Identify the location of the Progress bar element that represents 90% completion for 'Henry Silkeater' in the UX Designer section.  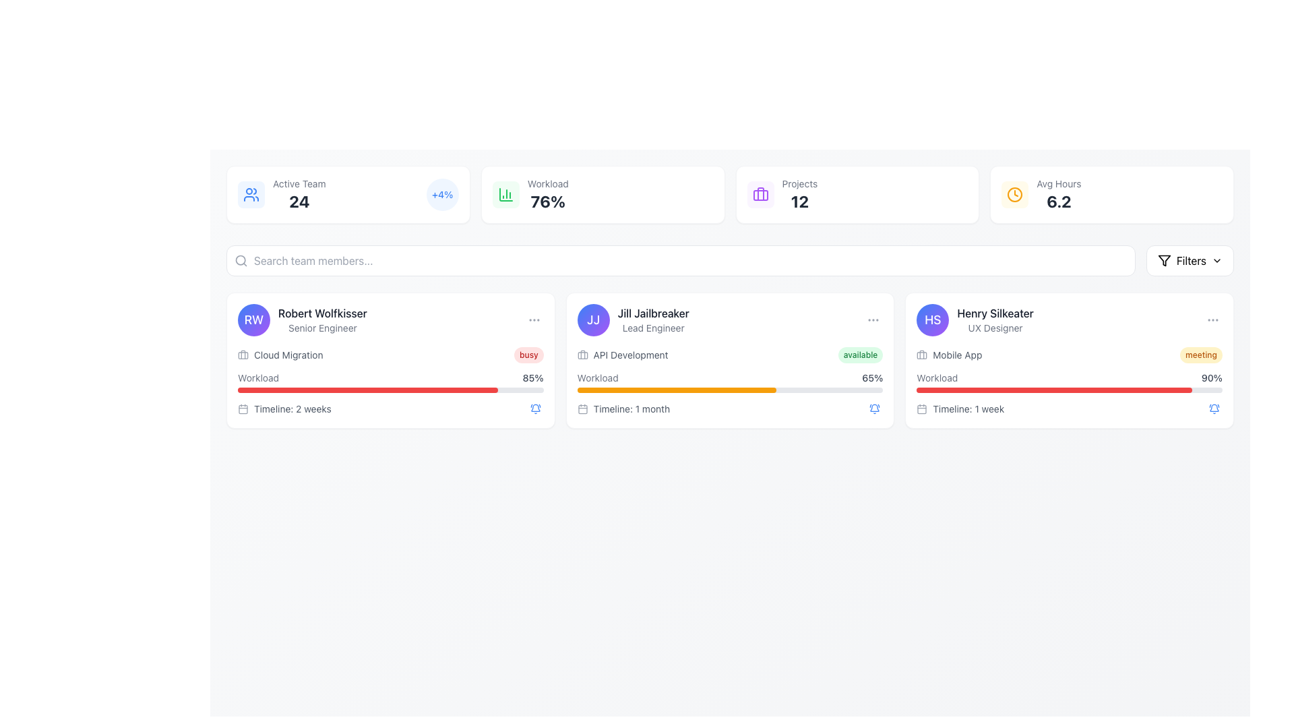
(1069, 382).